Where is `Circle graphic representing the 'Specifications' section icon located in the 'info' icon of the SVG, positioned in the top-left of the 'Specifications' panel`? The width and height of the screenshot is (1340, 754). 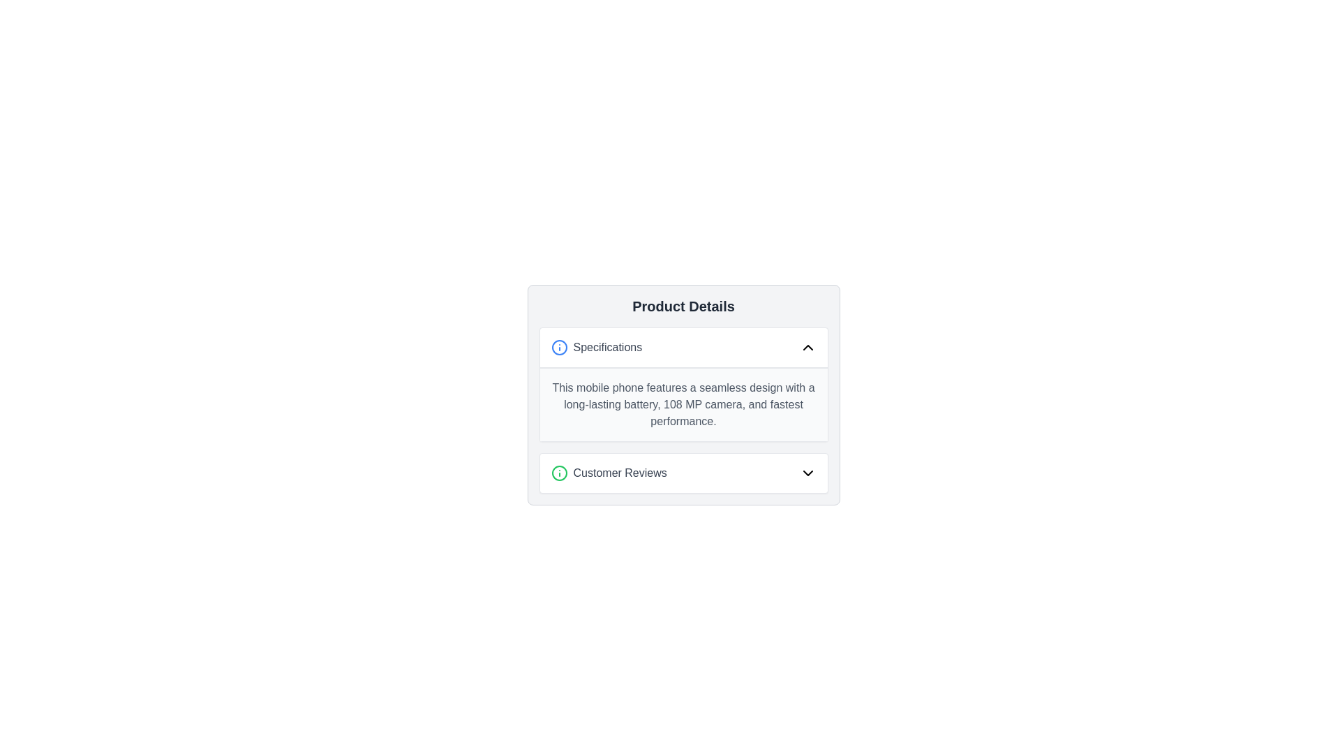 Circle graphic representing the 'Specifications' section icon located in the 'info' icon of the SVG, positioned in the top-left of the 'Specifications' panel is located at coordinates (559, 473).